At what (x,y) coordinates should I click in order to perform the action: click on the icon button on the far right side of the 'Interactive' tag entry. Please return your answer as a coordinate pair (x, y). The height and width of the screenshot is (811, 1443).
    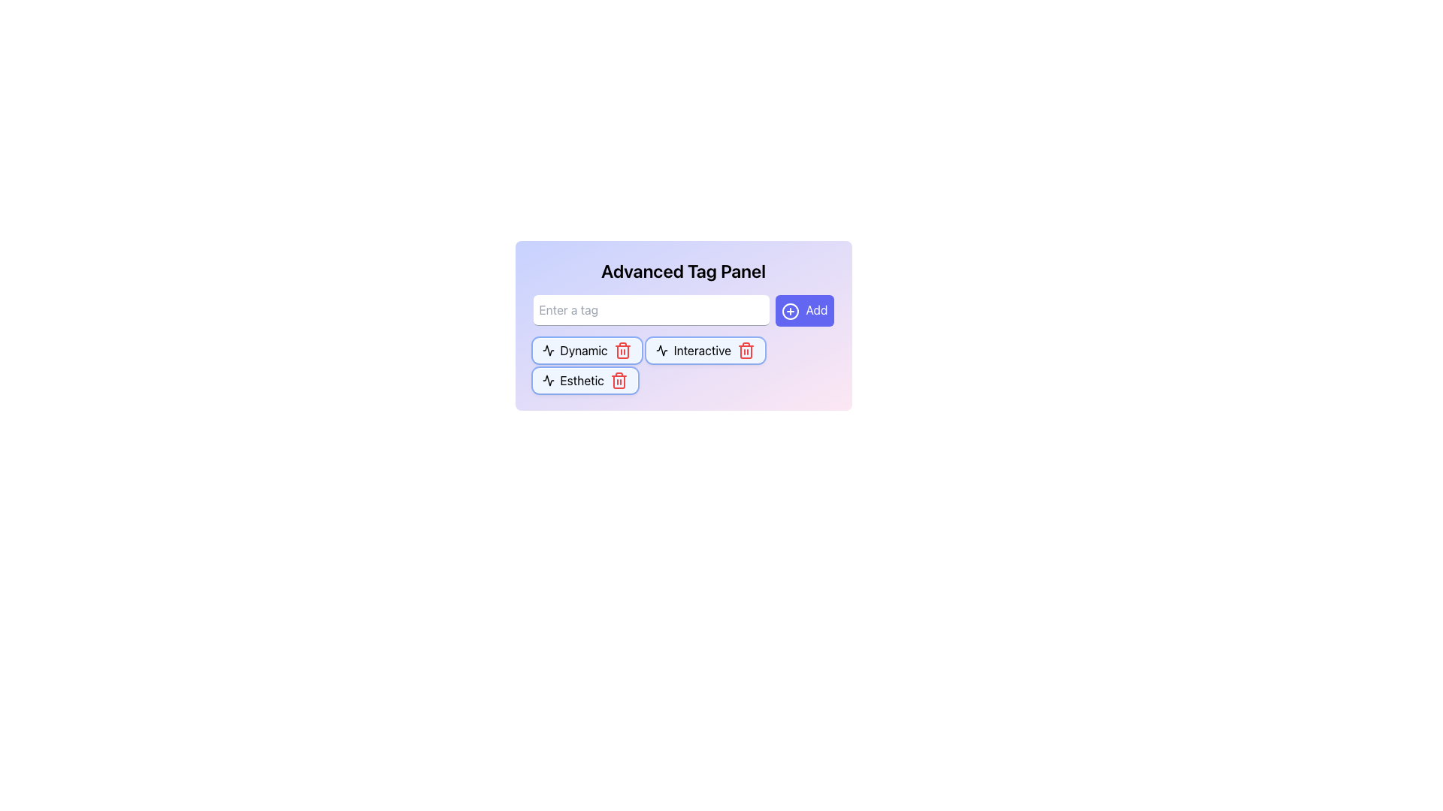
    Looking at the image, I should click on (746, 350).